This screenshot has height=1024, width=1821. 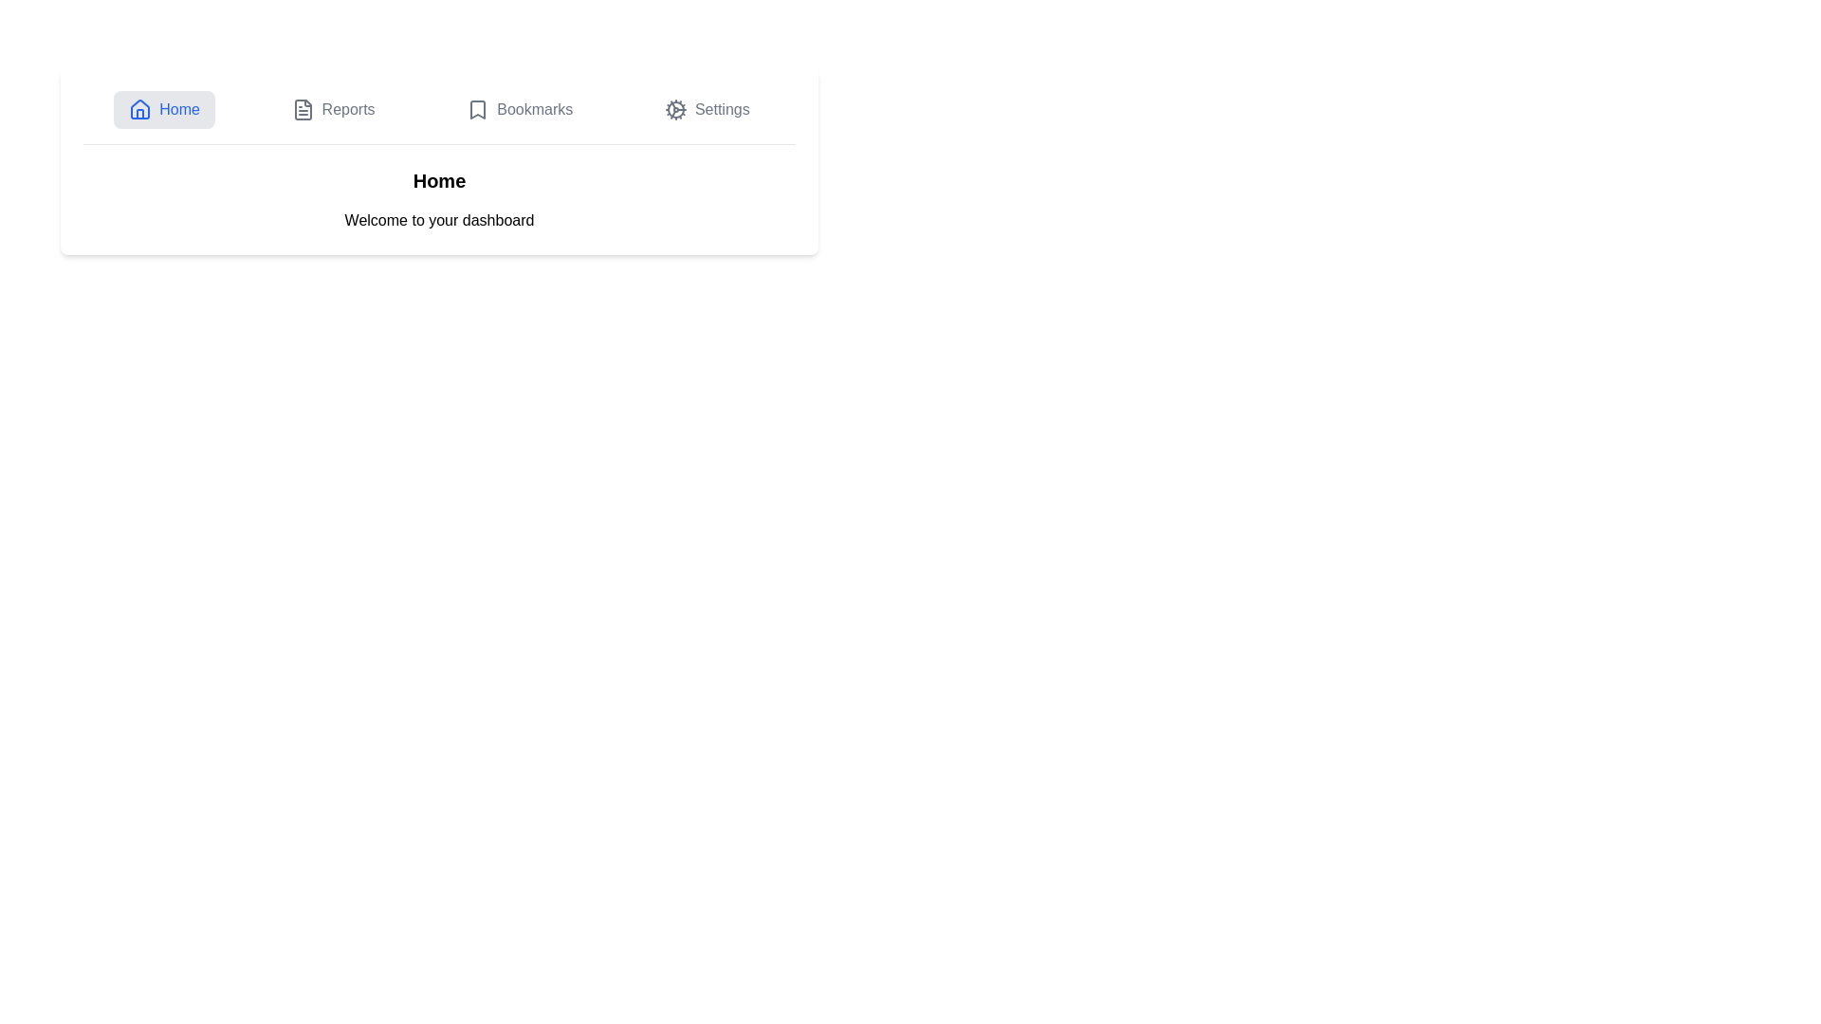 I want to click on the 'Home' icon in the top menu bar, so click(x=139, y=109).